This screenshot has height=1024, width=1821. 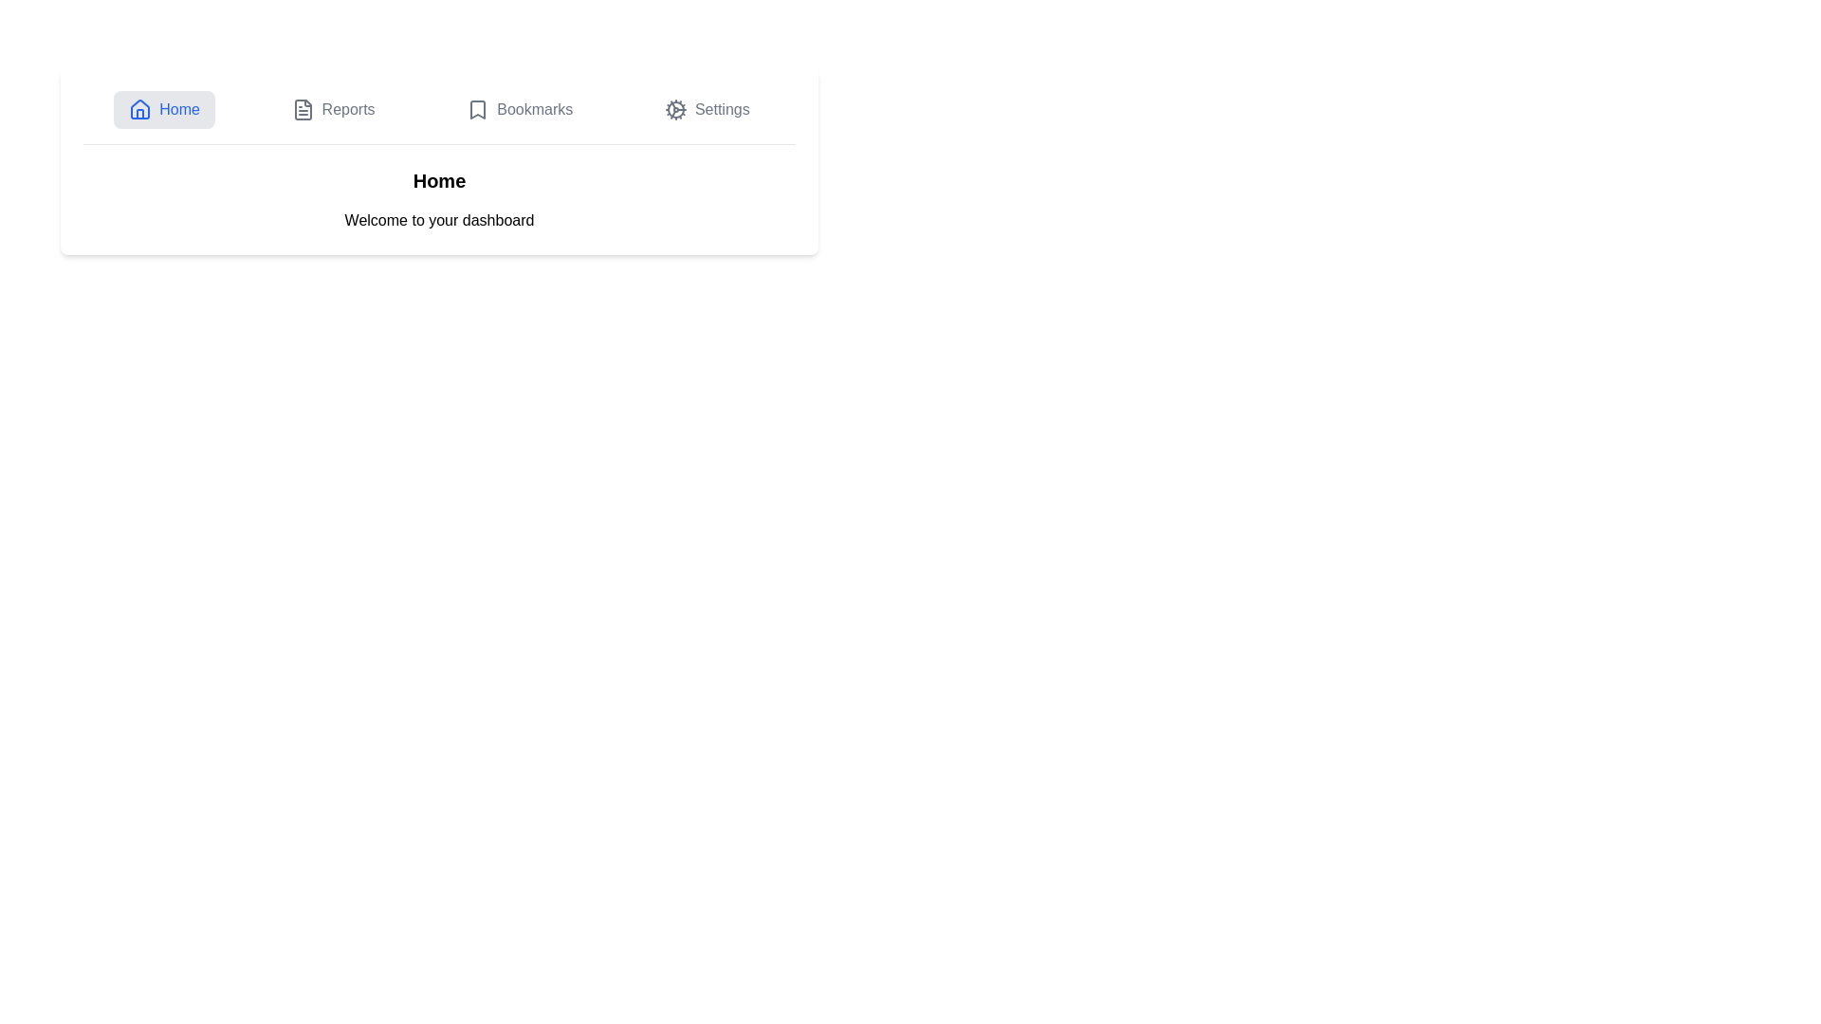 I want to click on the 'Home' icon in the top menu bar, so click(x=139, y=109).